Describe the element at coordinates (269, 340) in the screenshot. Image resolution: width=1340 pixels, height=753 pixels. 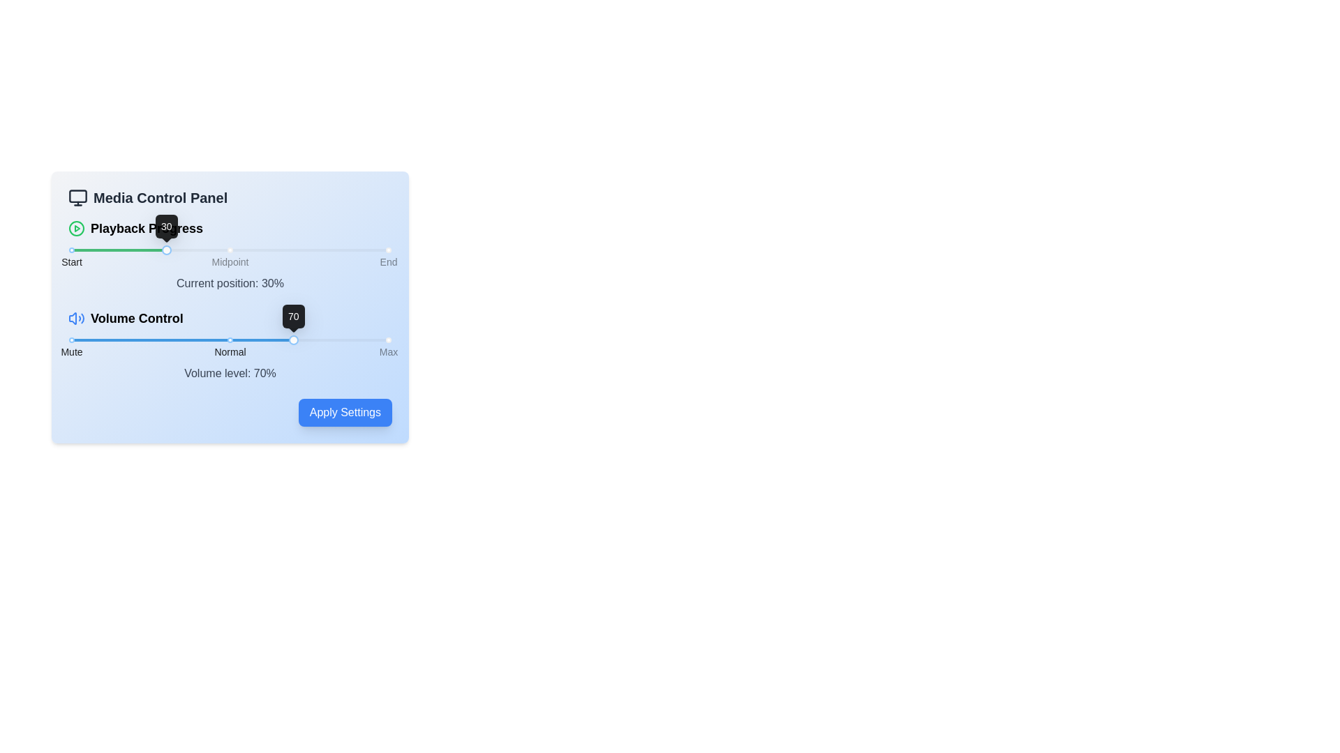
I see `the volume` at that location.